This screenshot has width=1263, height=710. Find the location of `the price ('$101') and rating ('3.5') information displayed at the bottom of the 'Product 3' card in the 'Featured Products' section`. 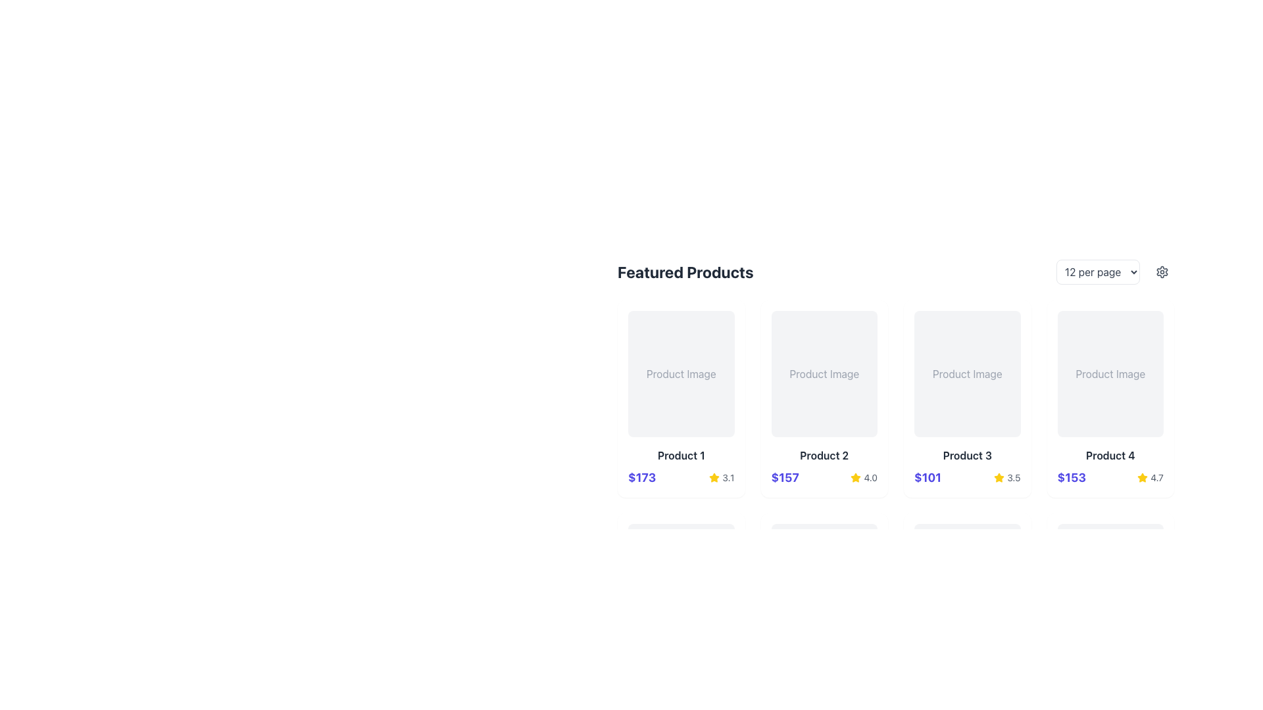

the price ('$101') and rating ('3.5') information displayed at the bottom of the 'Product 3' card in the 'Featured Products' section is located at coordinates (967, 477).